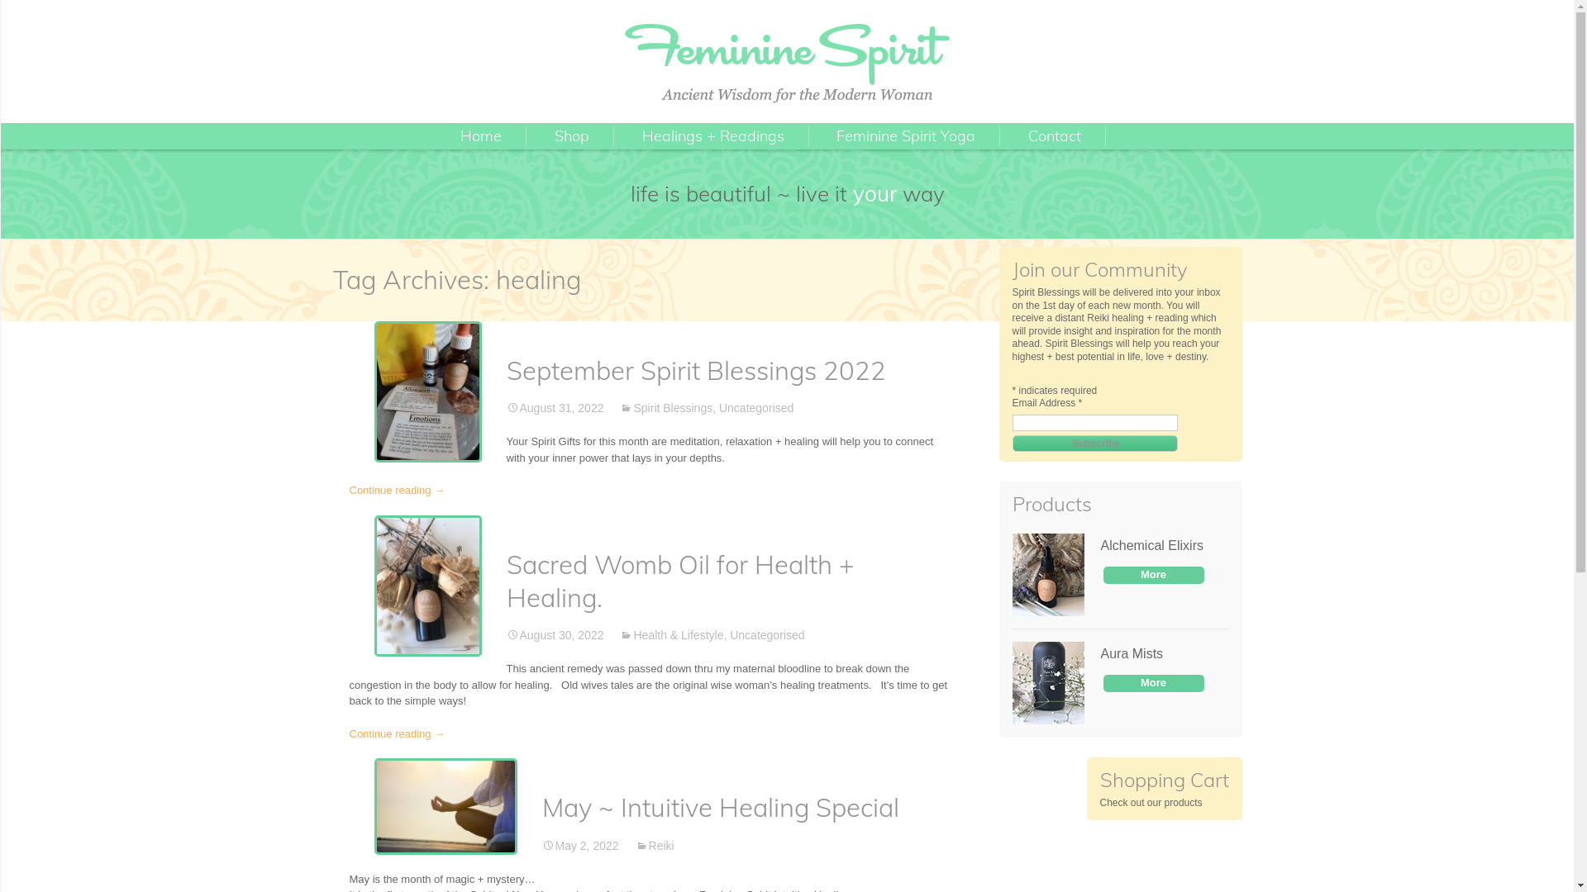  Describe the element at coordinates (654, 845) in the screenshot. I see `'Reiki'` at that location.